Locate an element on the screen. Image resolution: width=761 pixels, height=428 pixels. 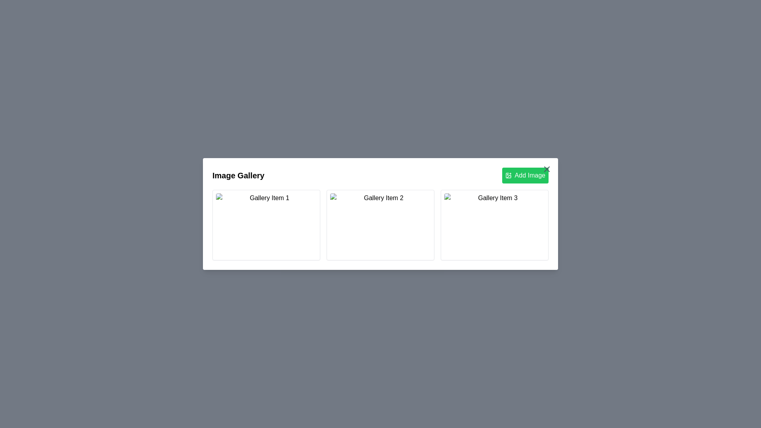
close button at the top-right corner of the dialog to close it is located at coordinates (547, 169).